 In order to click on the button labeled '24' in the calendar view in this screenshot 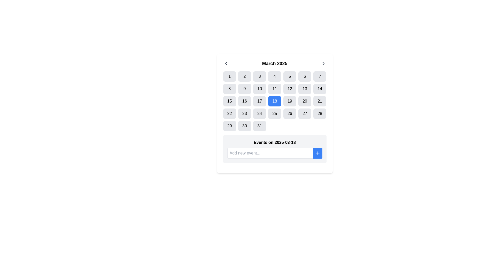, I will do `click(260, 113)`.